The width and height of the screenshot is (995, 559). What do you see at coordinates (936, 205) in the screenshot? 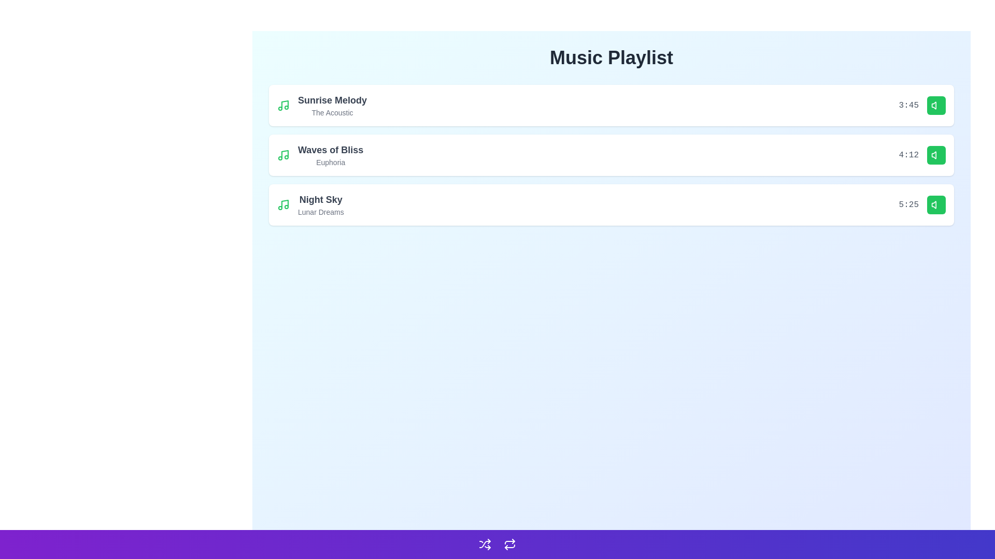
I see `the volume control icon, which is a small white speaker icon inside a rounded green button, located to the far right of the 'Night Sky' track in the playlist` at bounding box center [936, 205].